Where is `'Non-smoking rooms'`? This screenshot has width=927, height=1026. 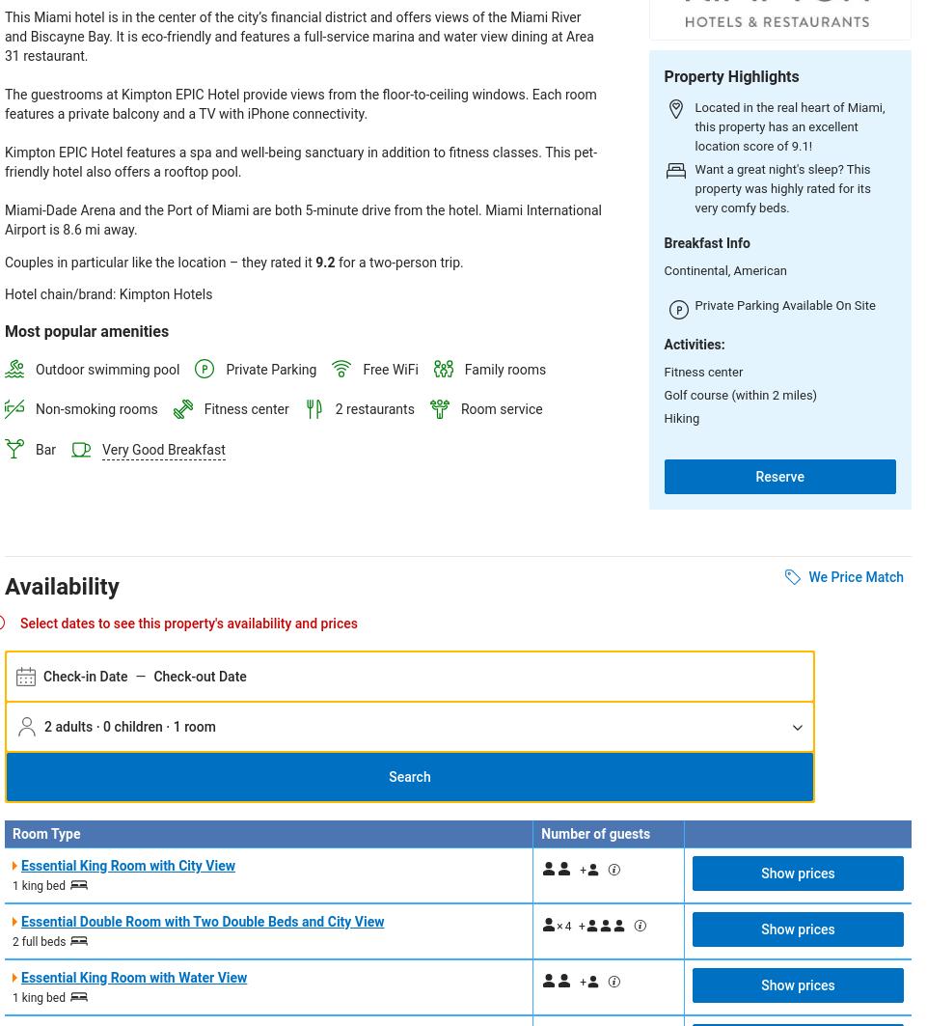 'Non-smoking rooms' is located at coordinates (96, 409).